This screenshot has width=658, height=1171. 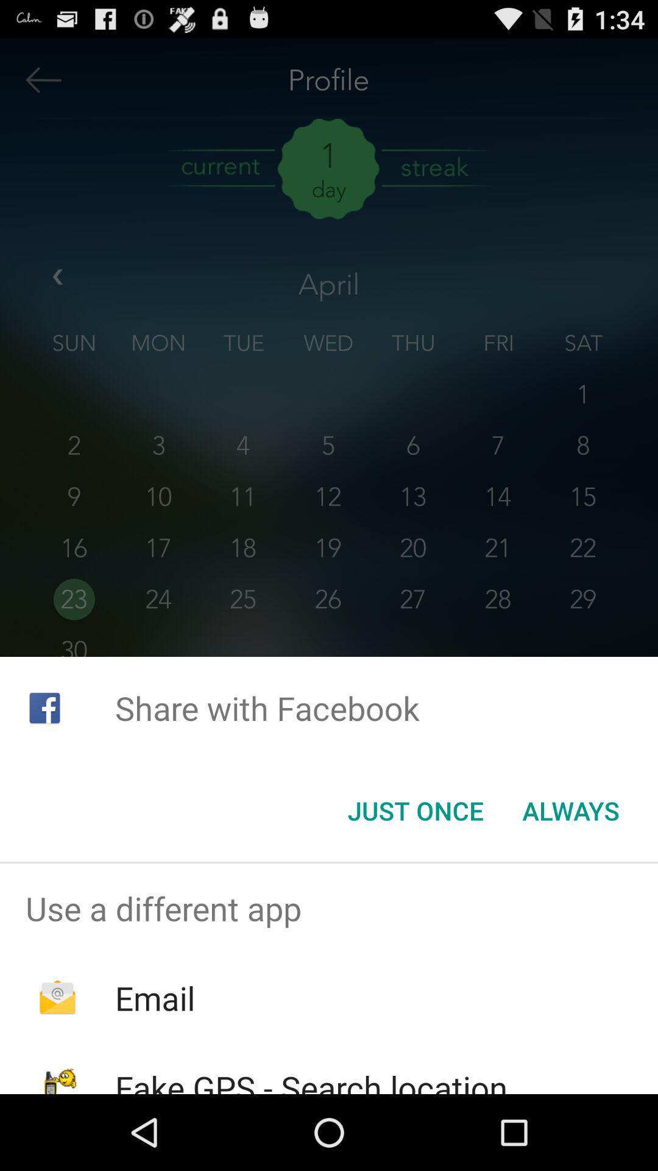 What do you see at coordinates (415, 811) in the screenshot?
I see `the item below the share with facebook icon` at bounding box center [415, 811].